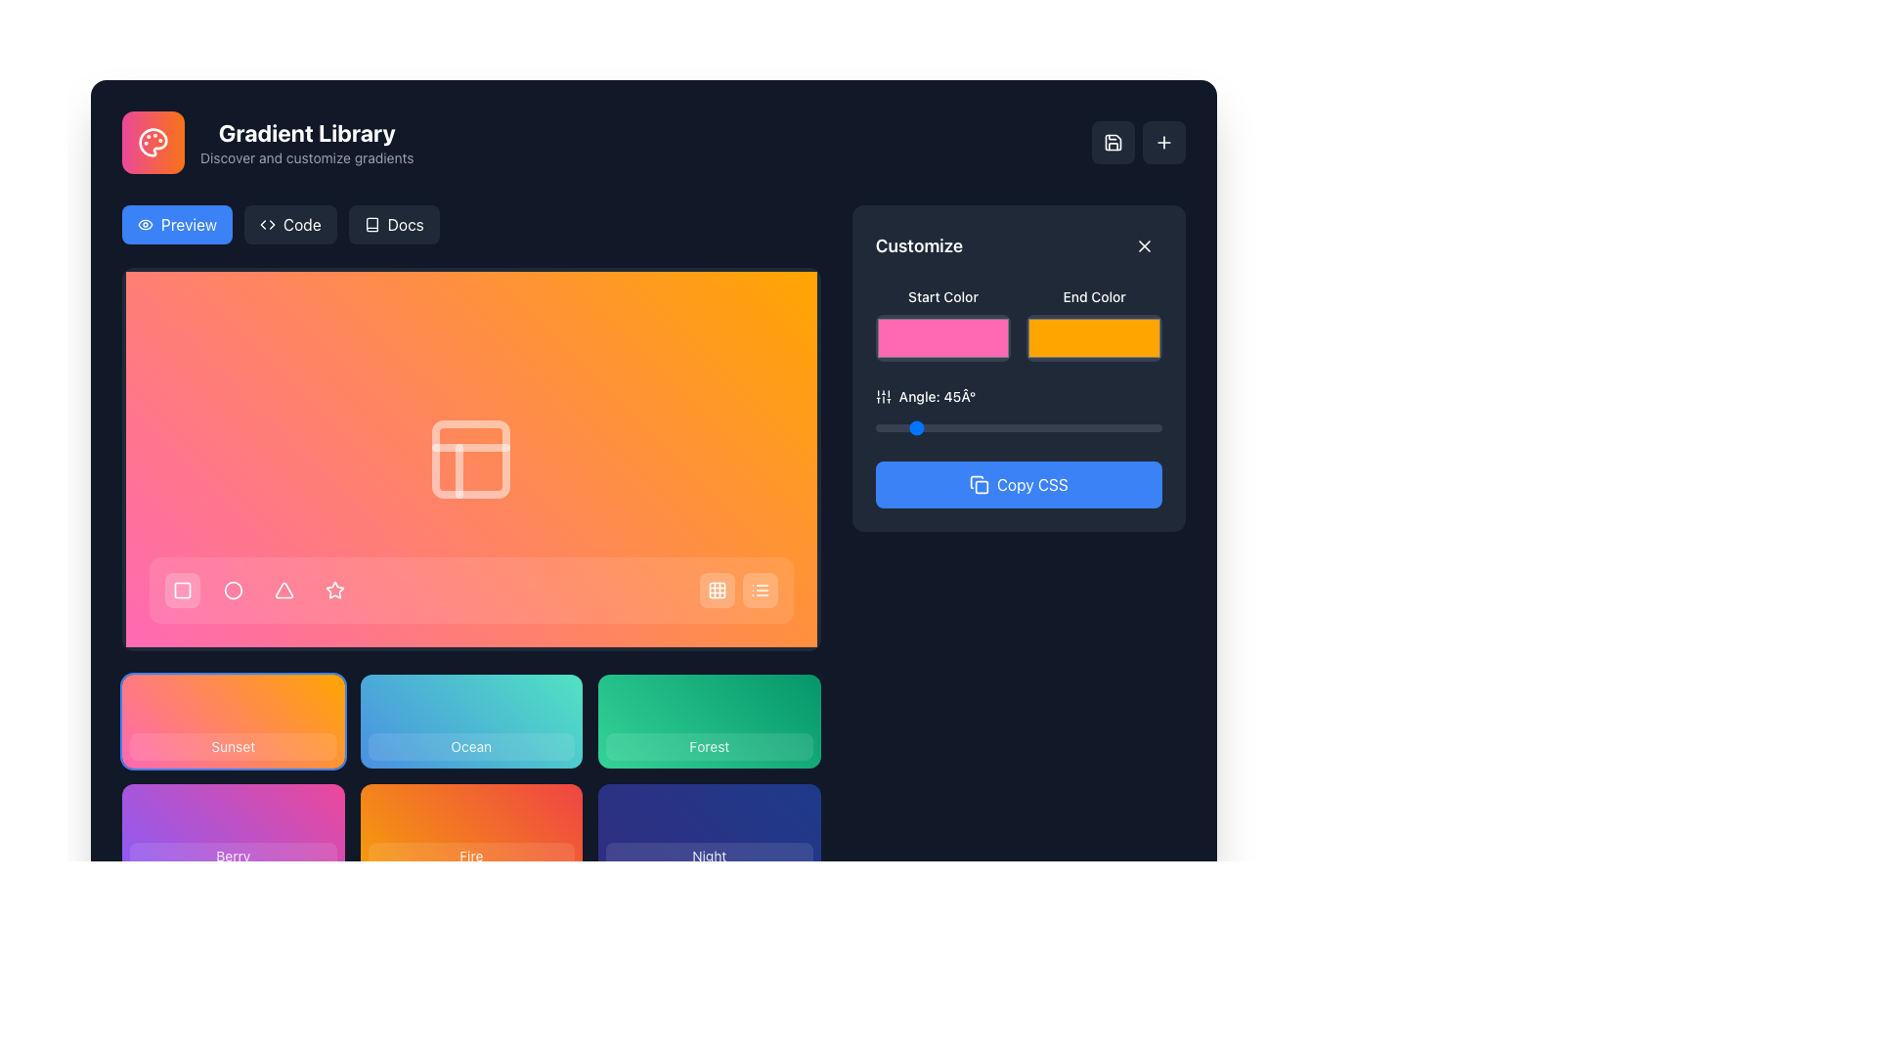 Image resolution: width=1877 pixels, height=1056 pixels. I want to click on the 'Customize' label element, which is a large, bold text label at the top-left corner of the settings panel, so click(918, 244).